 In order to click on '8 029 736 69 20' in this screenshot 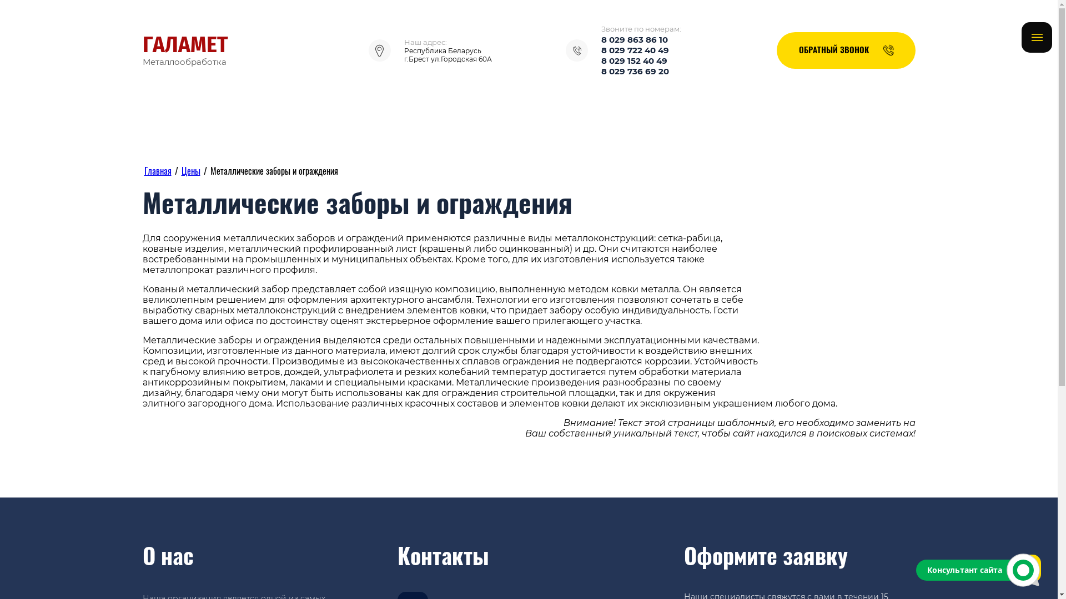, I will do `click(601, 71)`.